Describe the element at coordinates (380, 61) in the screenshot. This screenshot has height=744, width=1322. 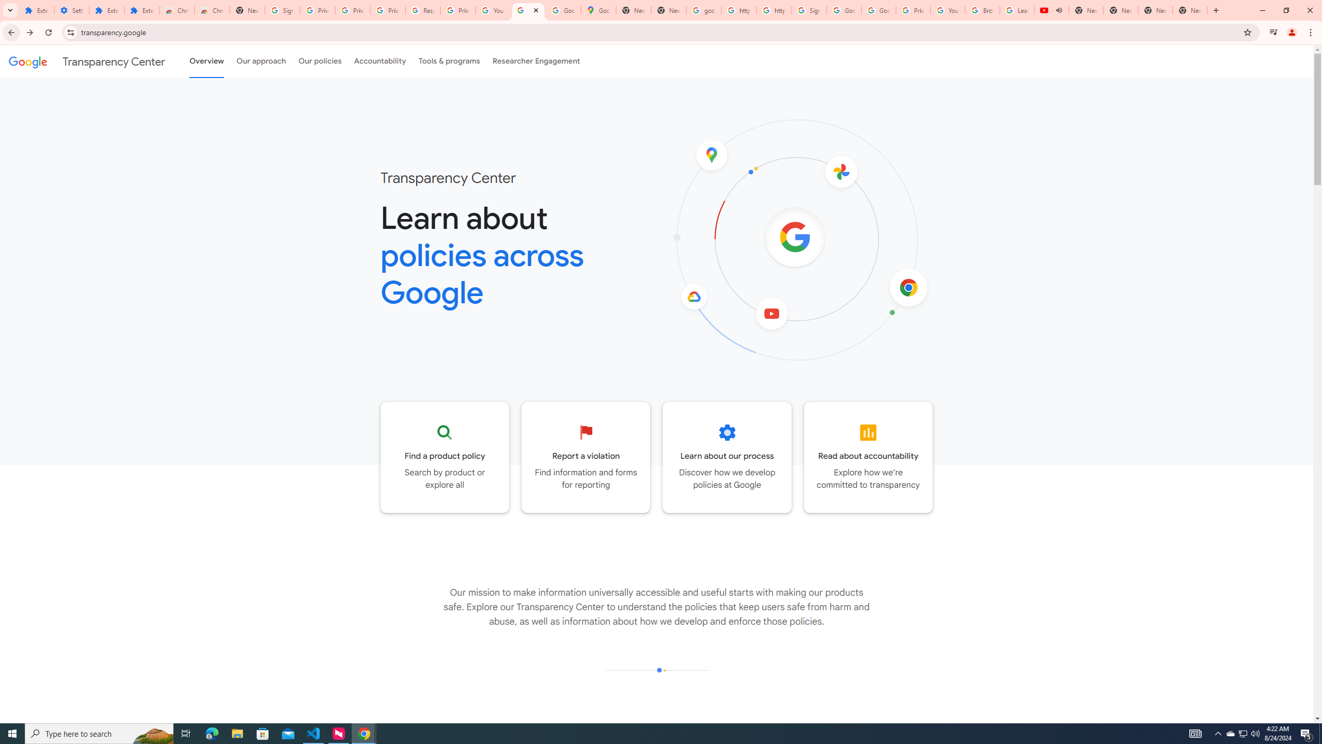
I see `'Accountability'` at that location.